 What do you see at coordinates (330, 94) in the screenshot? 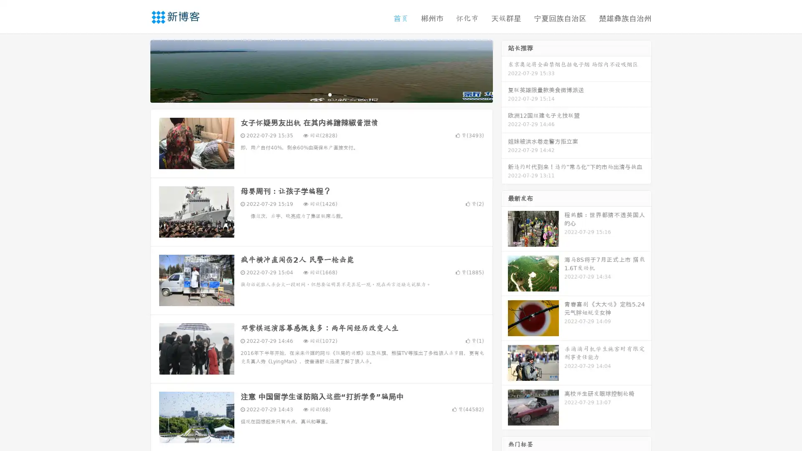
I see `Go to slide 3` at bounding box center [330, 94].